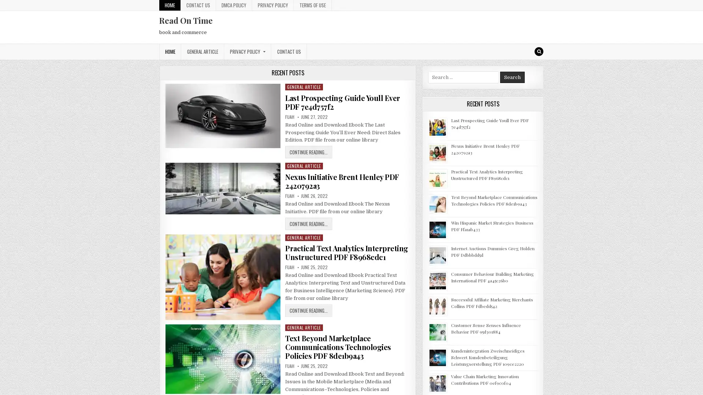  I want to click on Search, so click(512, 77).